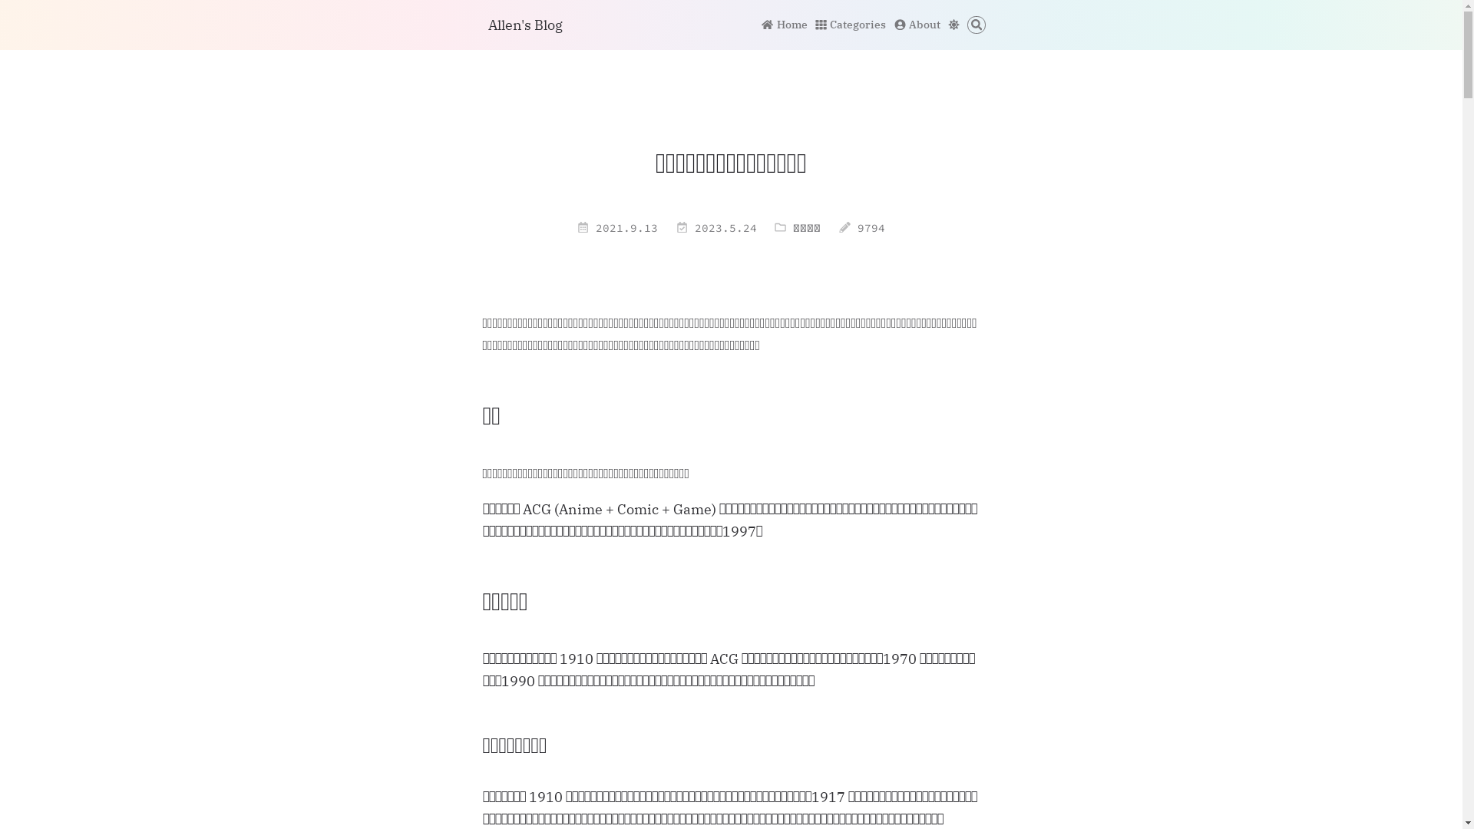  I want to click on 'Home', so click(784, 24).